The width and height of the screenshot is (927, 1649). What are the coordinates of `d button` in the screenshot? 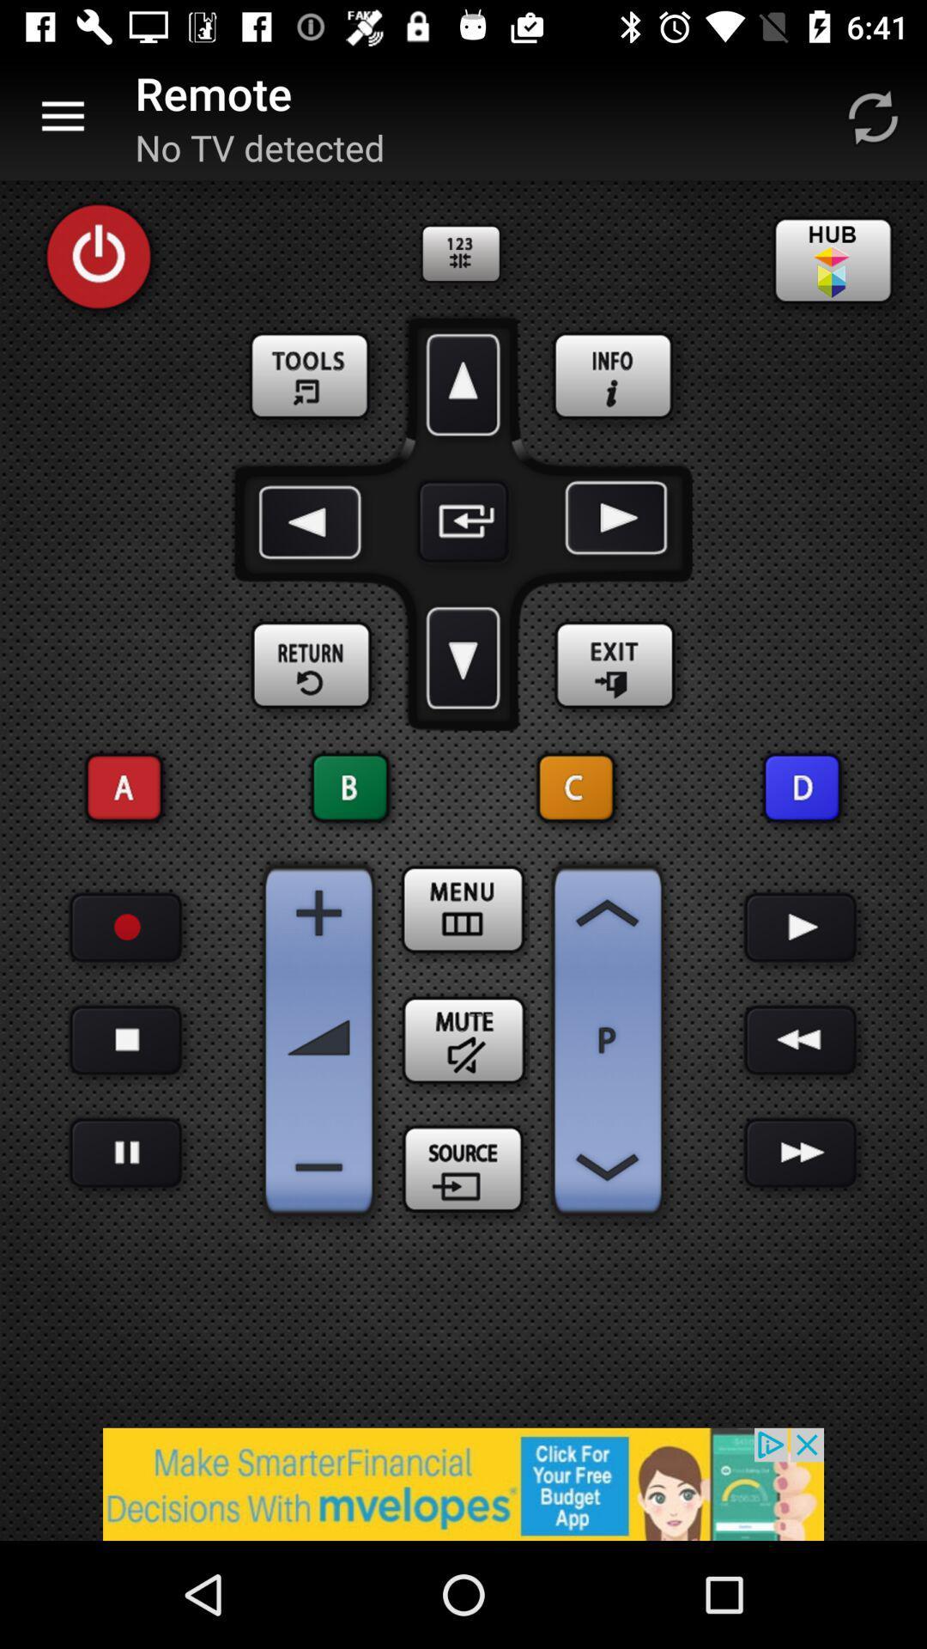 It's located at (802, 787).